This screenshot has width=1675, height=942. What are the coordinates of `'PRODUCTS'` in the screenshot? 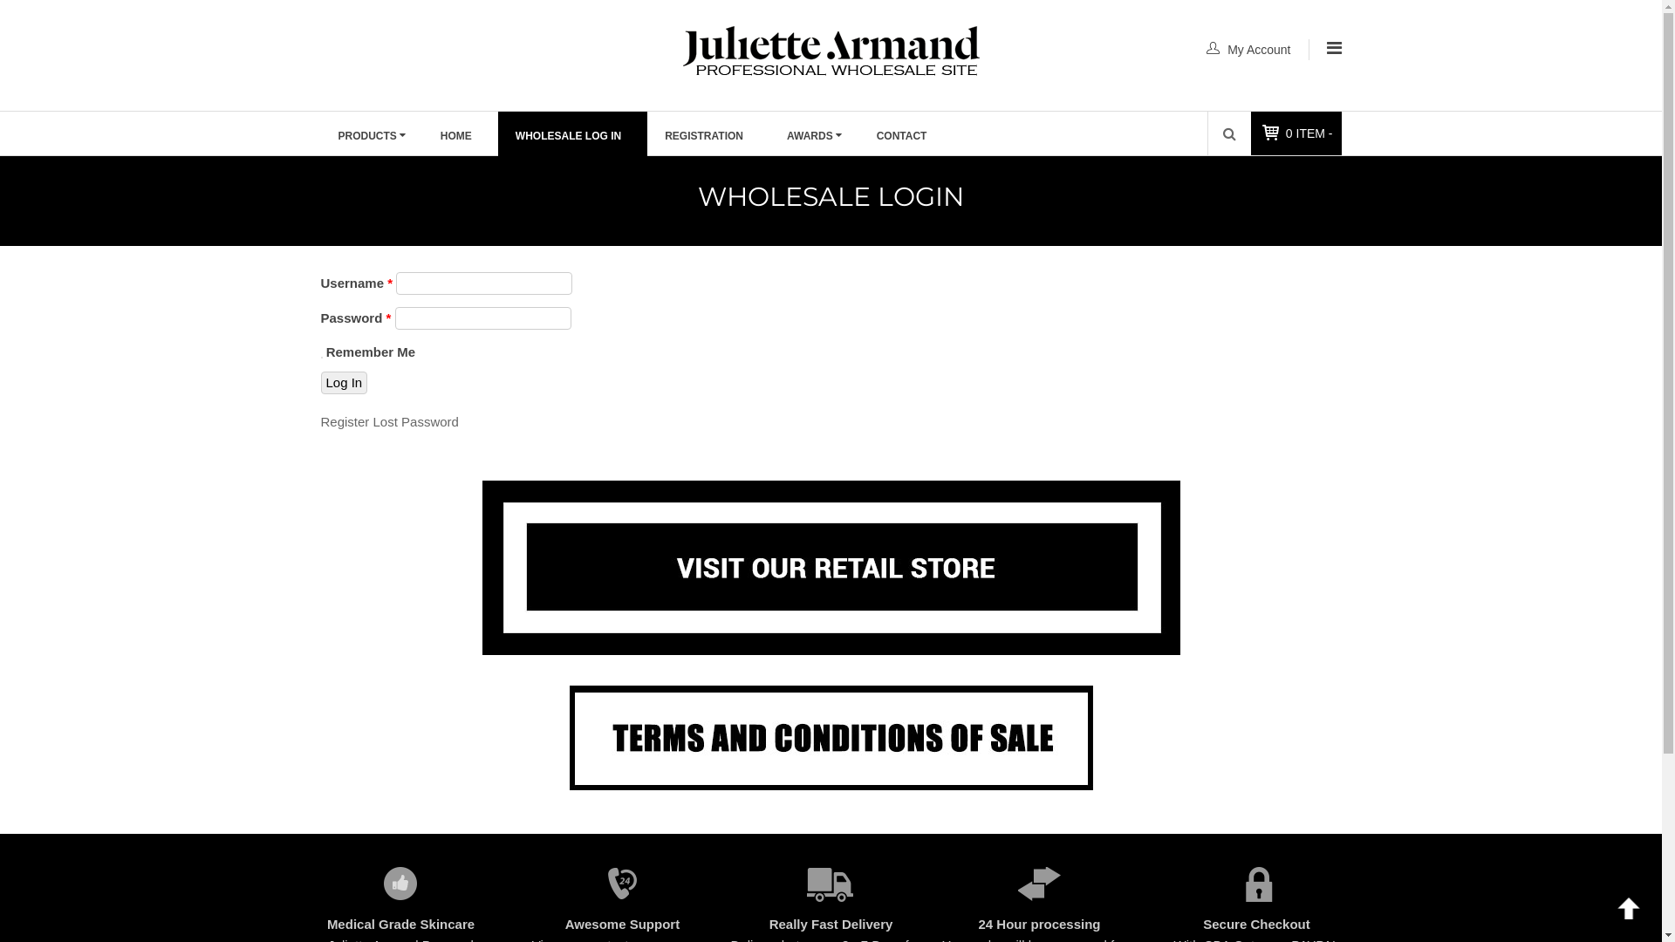 It's located at (321, 133).